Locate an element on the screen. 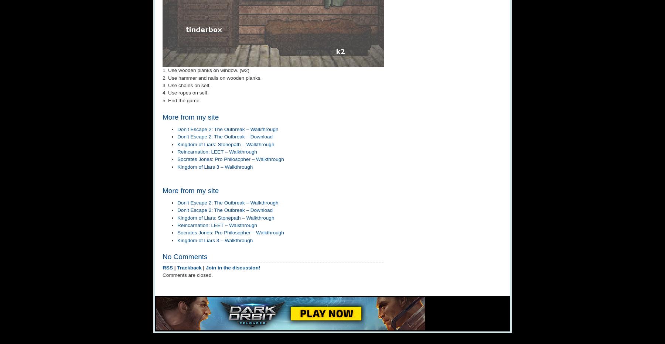 The width and height of the screenshot is (665, 344). 'Join in the discussion!' is located at coordinates (233, 267).